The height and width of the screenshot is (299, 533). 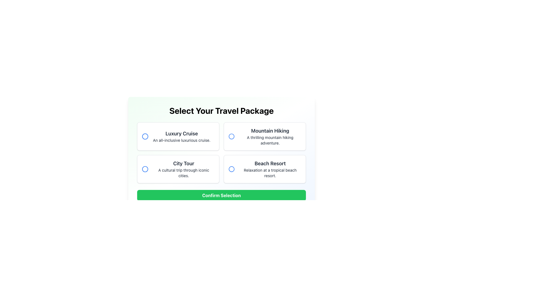 What do you see at coordinates (145, 169) in the screenshot?
I see `the third radio button for the 'City Tour' travel package located in the bottom left corner of the travel package selection interface` at bounding box center [145, 169].